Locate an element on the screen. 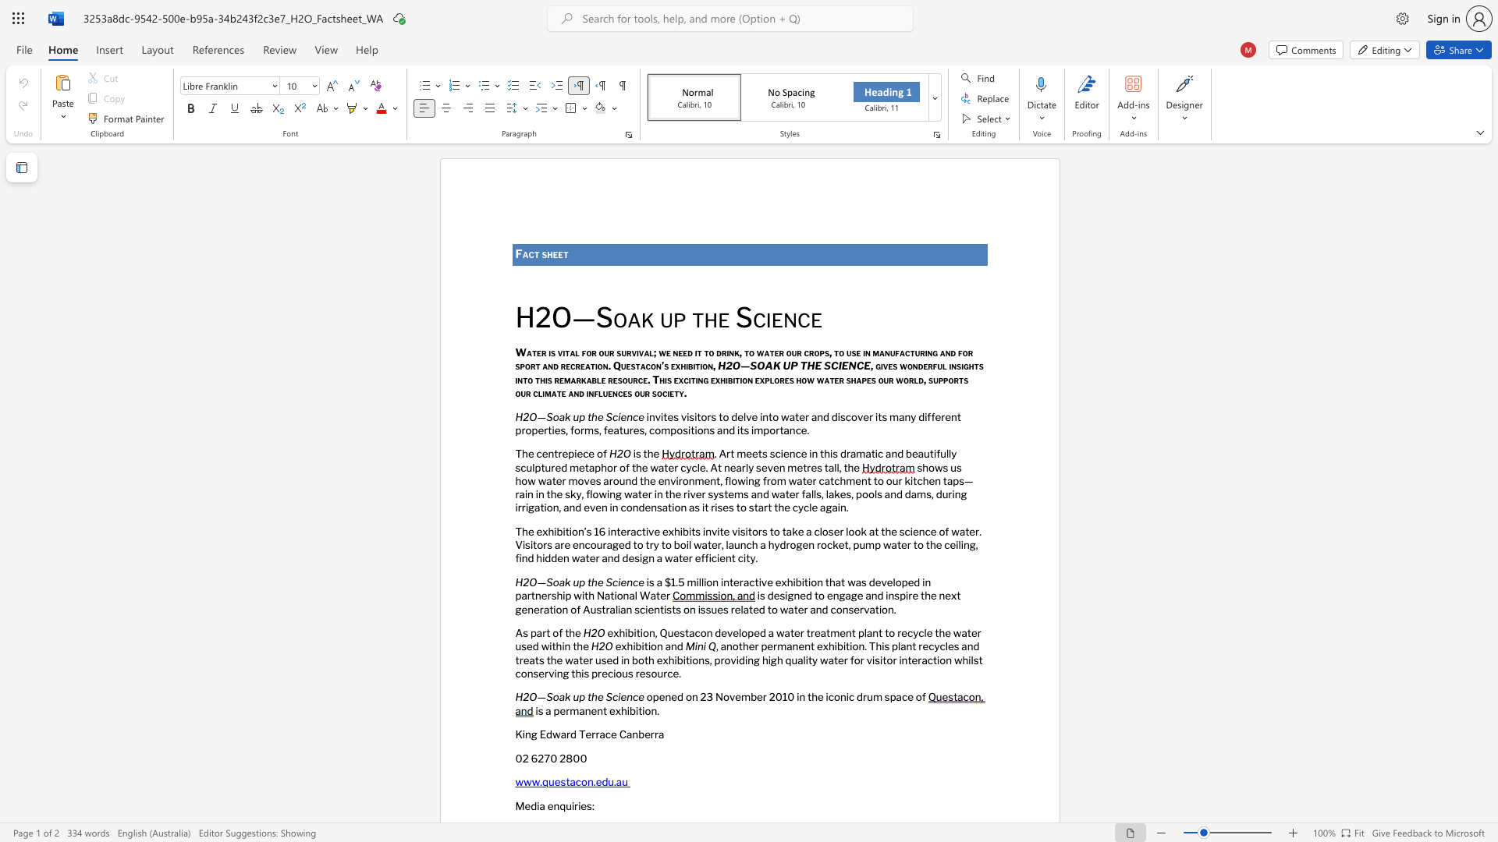 The width and height of the screenshot is (1498, 842). the space between the continuous character "o" and "v" in the text is located at coordinates (728, 696).